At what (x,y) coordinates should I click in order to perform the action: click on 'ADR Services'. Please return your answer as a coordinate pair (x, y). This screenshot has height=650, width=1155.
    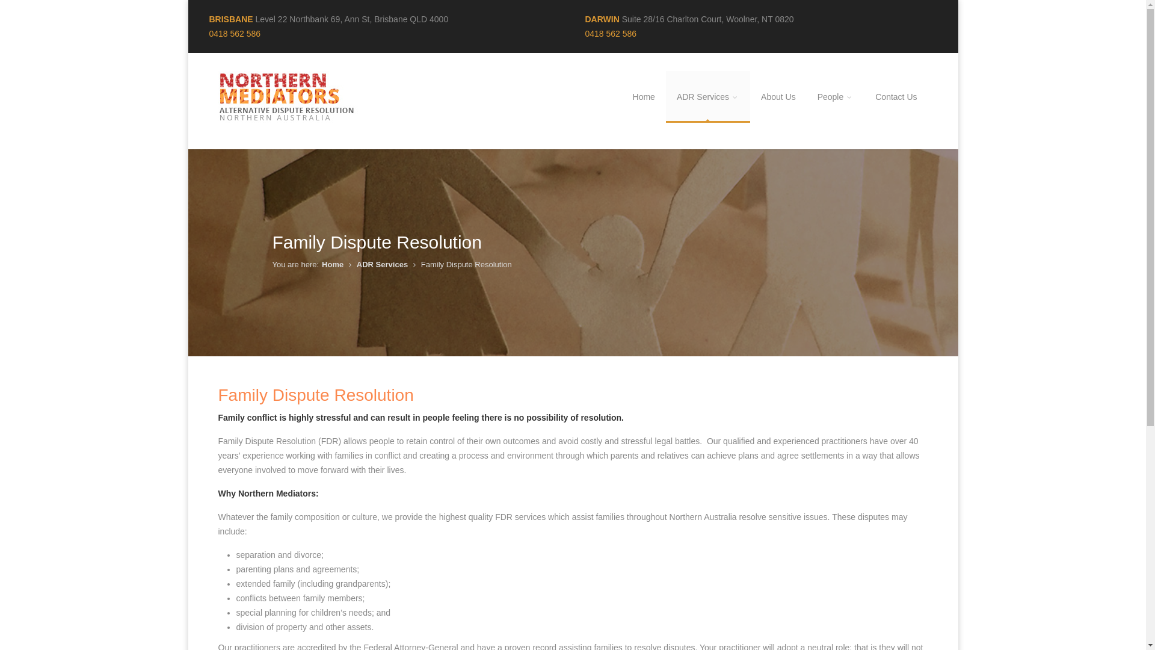
    Looking at the image, I should click on (381, 264).